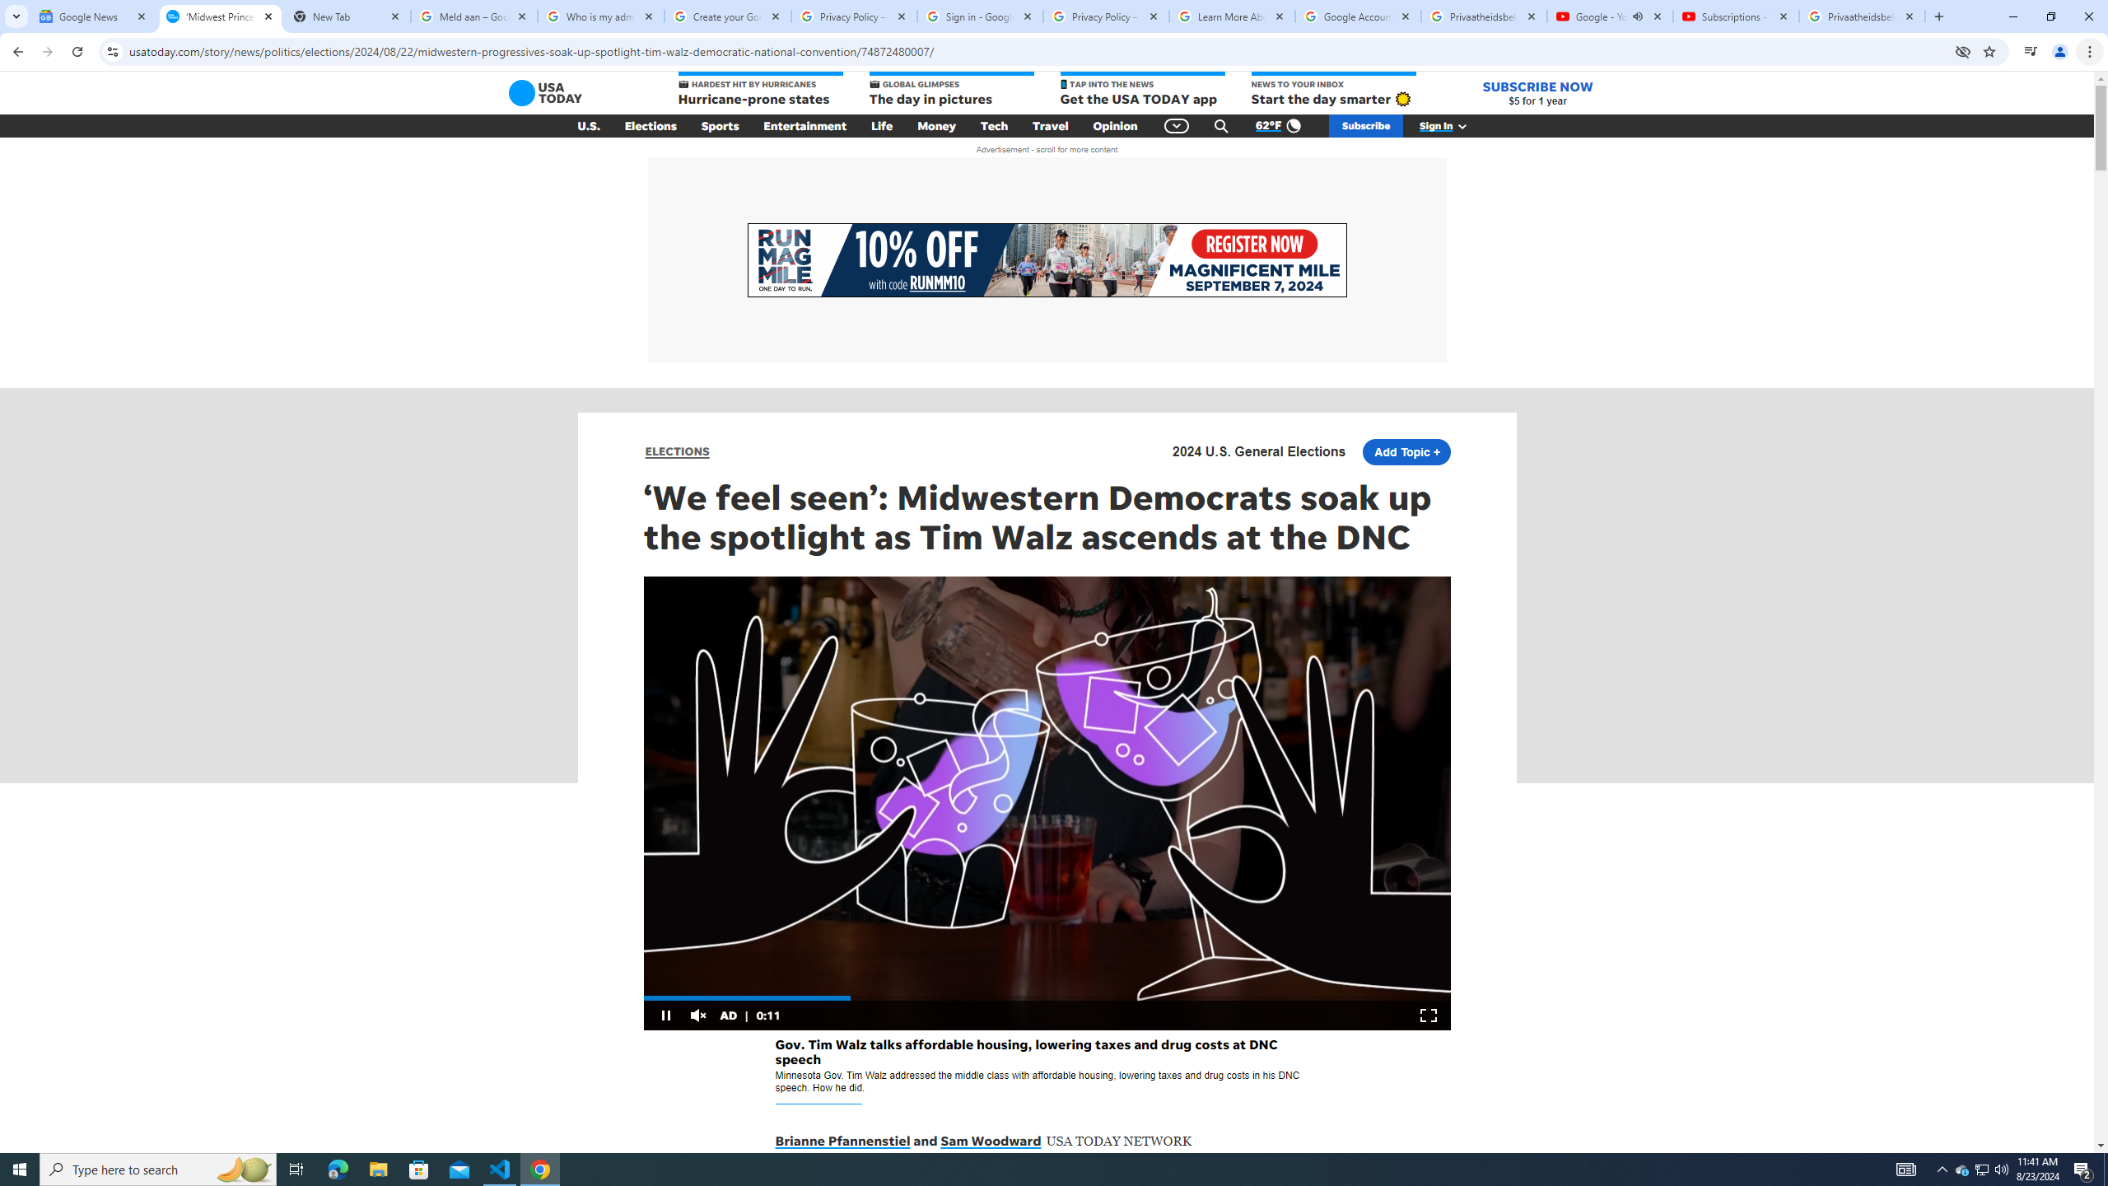  Describe the element at coordinates (678, 451) in the screenshot. I see `'ELECTIONS'` at that location.